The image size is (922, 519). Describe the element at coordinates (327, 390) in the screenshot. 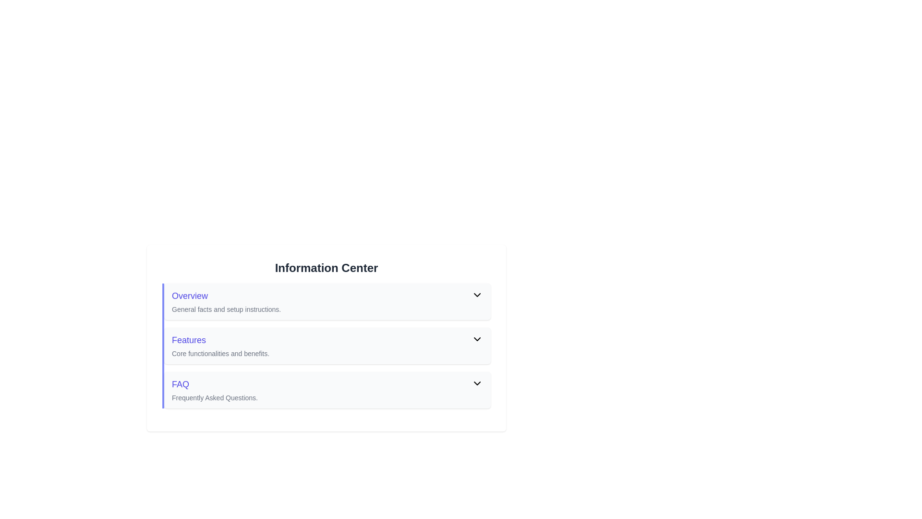

I see `the 'Frequently Asked Questions' expandable list item to possibly view additional tooltips` at that location.